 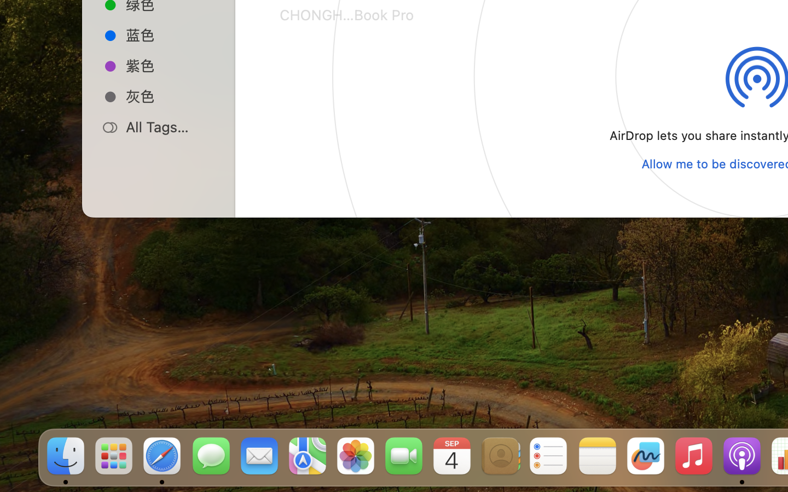 What do you see at coordinates (170, 96) in the screenshot?
I see `'灰色'` at bounding box center [170, 96].